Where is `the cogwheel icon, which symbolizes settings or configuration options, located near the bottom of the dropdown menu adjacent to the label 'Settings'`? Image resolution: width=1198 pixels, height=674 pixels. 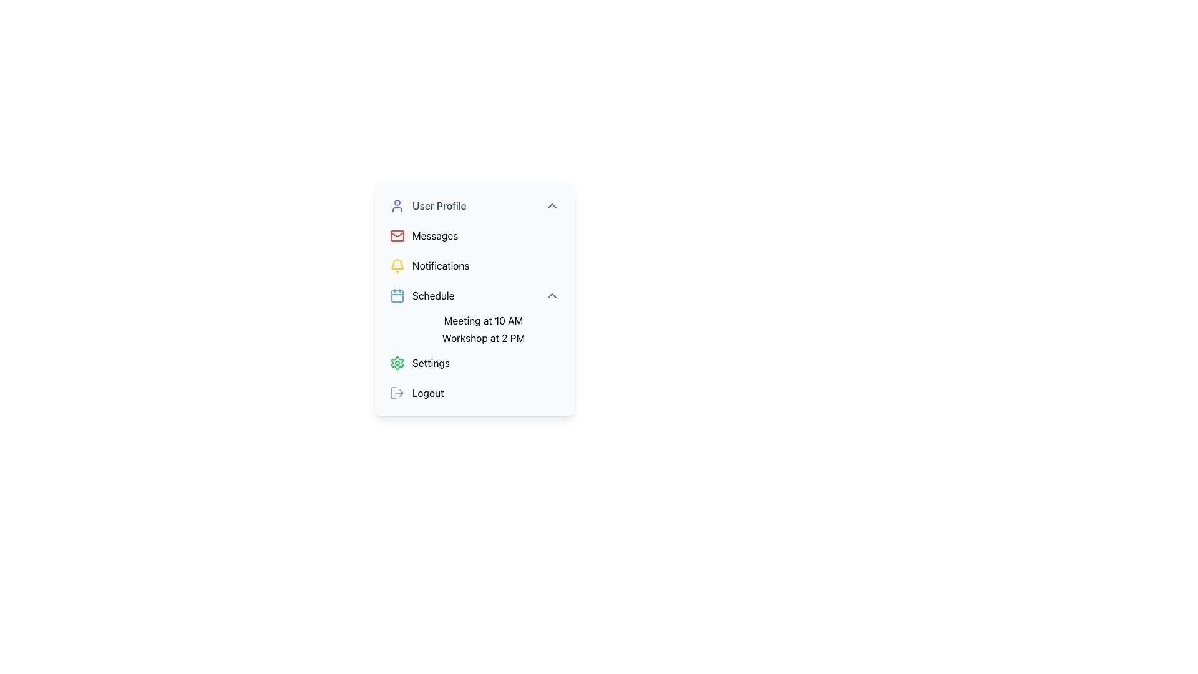 the cogwheel icon, which symbolizes settings or configuration options, located near the bottom of the dropdown menu adjacent to the label 'Settings' is located at coordinates (397, 363).